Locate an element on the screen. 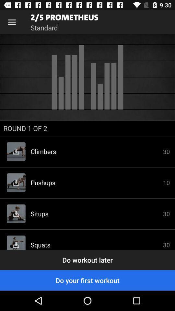 The height and width of the screenshot is (311, 175). the do your first item is located at coordinates (87, 280).